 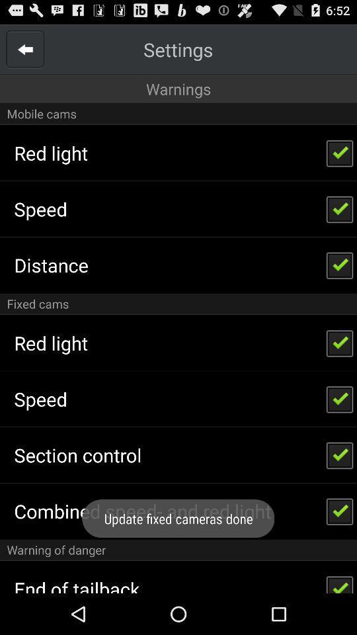 What do you see at coordinates (25, 49) in the screenshot?
I see `back to` at bounding box center [25, 49].